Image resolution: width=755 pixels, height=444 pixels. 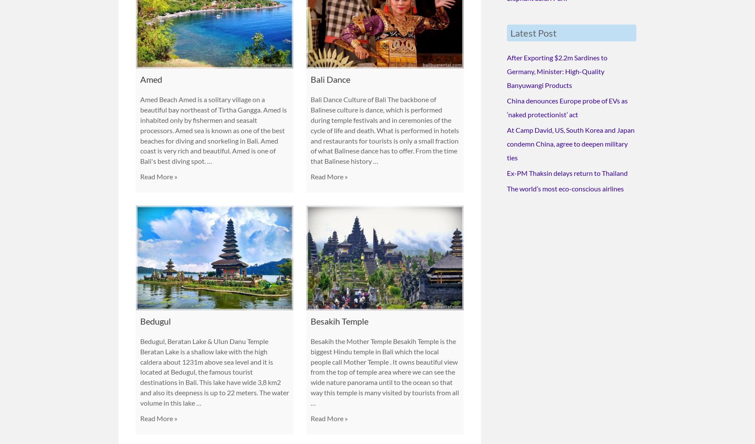 What do you see at coordinates (214, 372) in the screenshot?
I see `'Bedugul, Beratan Lake & Ulun Danu Temple Beratan Lake is a shallow lake with the high caldera about 1231m above sea level and it is located at Bedugul, the famous tourist destinations in Bali. This lake have wide 3,8 km2 and also its deepness is up to 22 meters. The water volume in this lake …'` at bounding box center [214, 372].